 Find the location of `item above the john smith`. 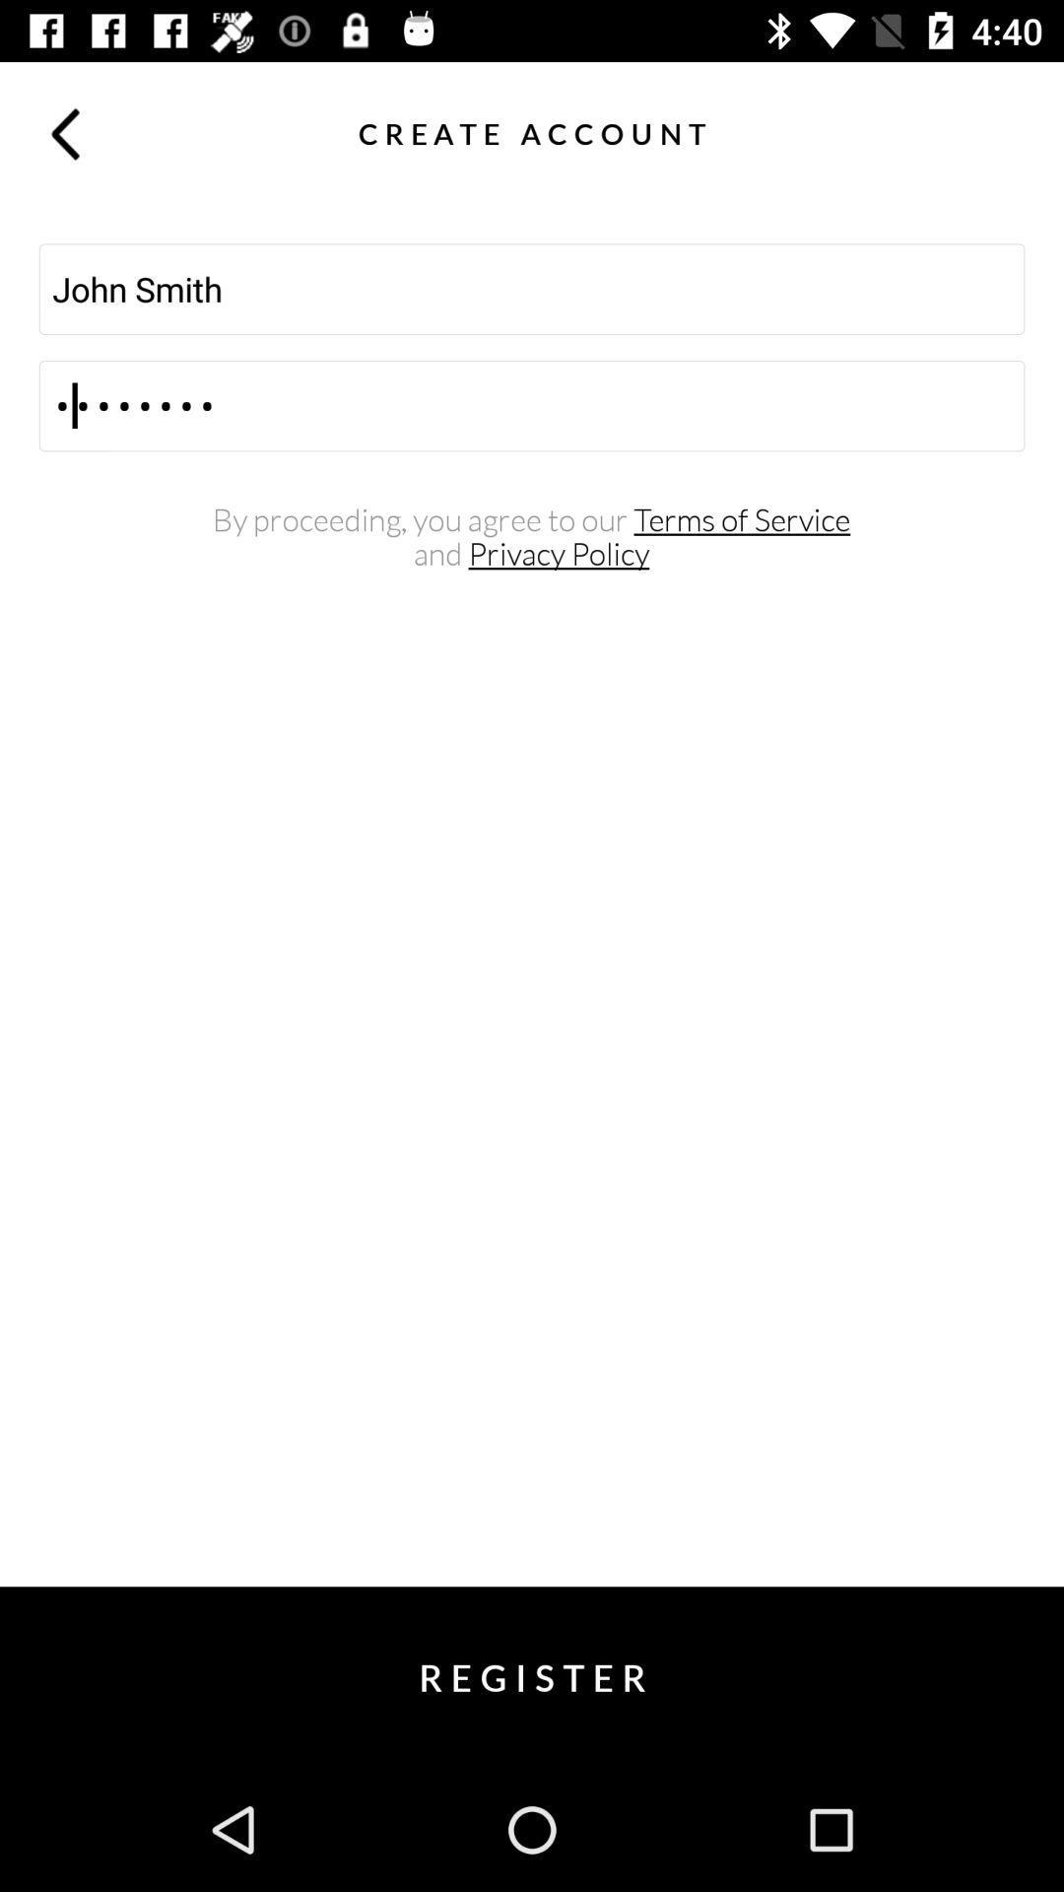

item above the john smith is located at coordinates (63, 132).